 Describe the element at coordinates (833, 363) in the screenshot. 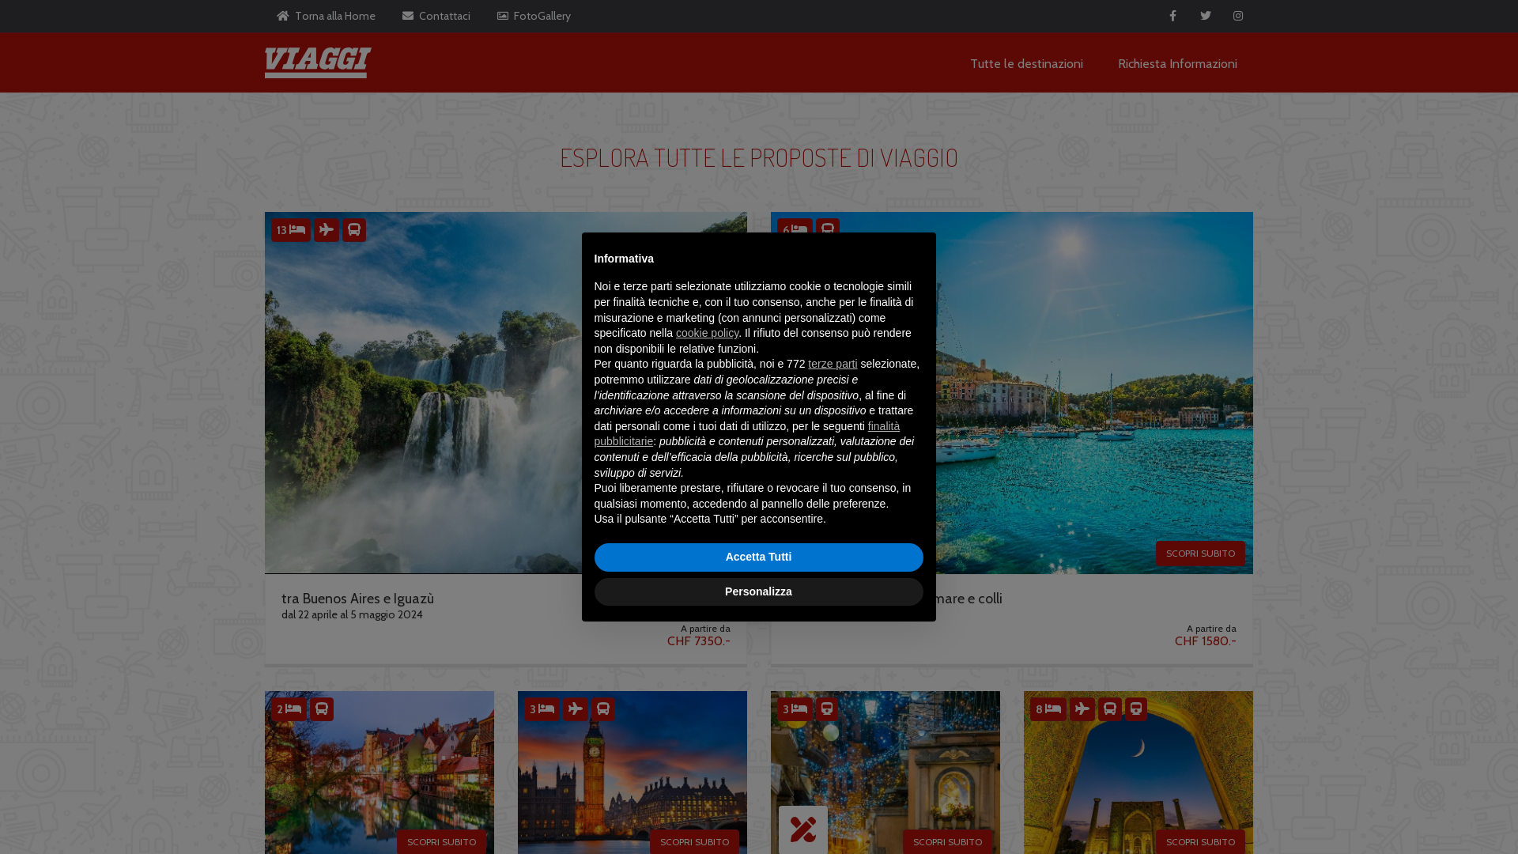

I see `'terze parti'` at that location.